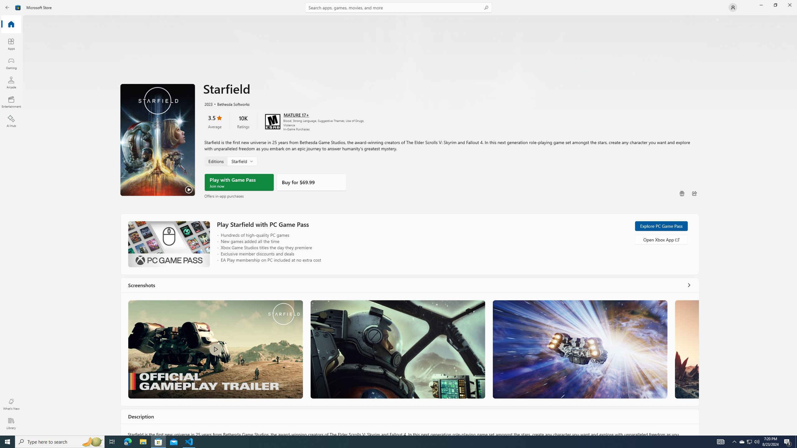 The image size is (797, 448). Describe the element at coordinates (775, 5) in the screenshot. I see `'Restore Microsoft Store'` at that location.